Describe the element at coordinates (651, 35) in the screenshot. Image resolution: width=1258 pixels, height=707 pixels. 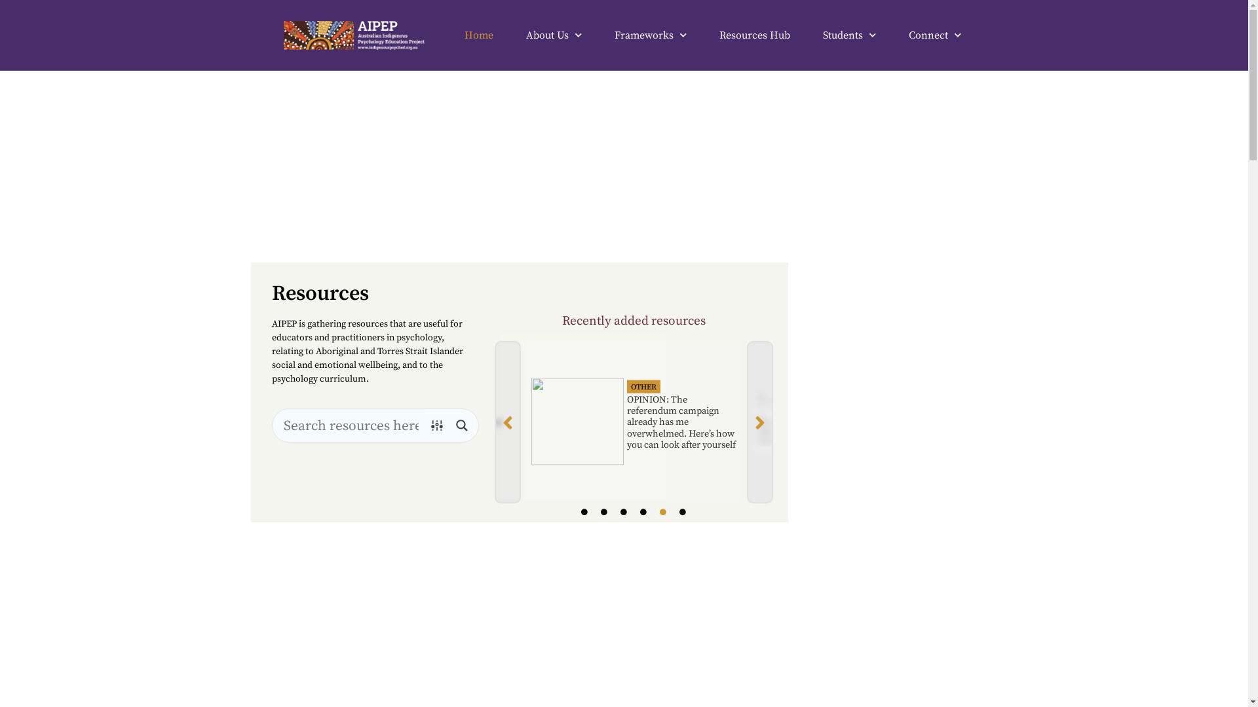
I see `'Frameworks'` at that location.